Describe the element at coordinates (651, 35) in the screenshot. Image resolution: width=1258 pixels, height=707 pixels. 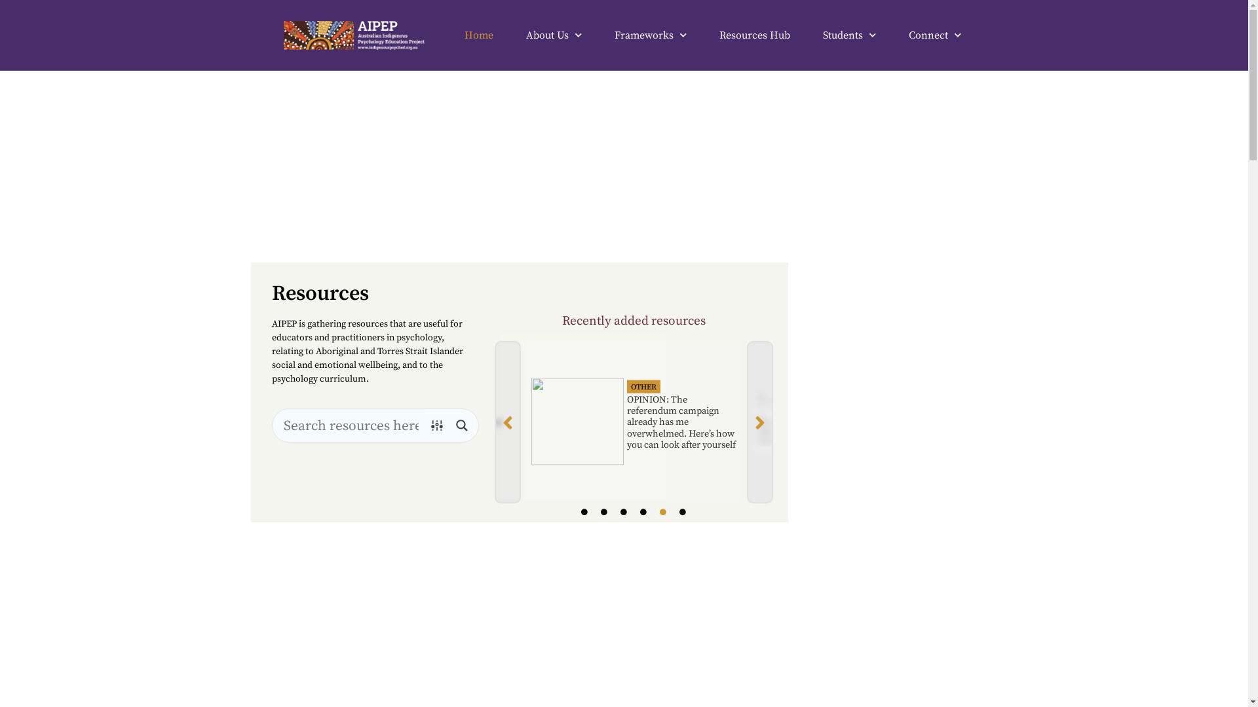
I see `'Frameworks'` at that location.